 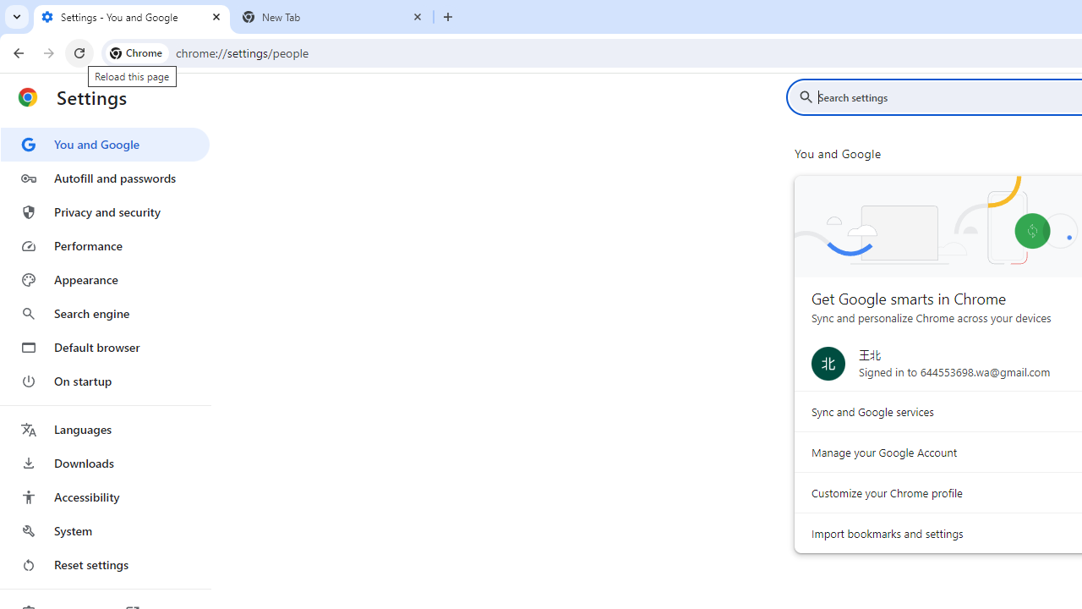 What do you see at coordinates (104, 428) in the screenshot?
I see `'Languages'` at bounding box center [104, 428].